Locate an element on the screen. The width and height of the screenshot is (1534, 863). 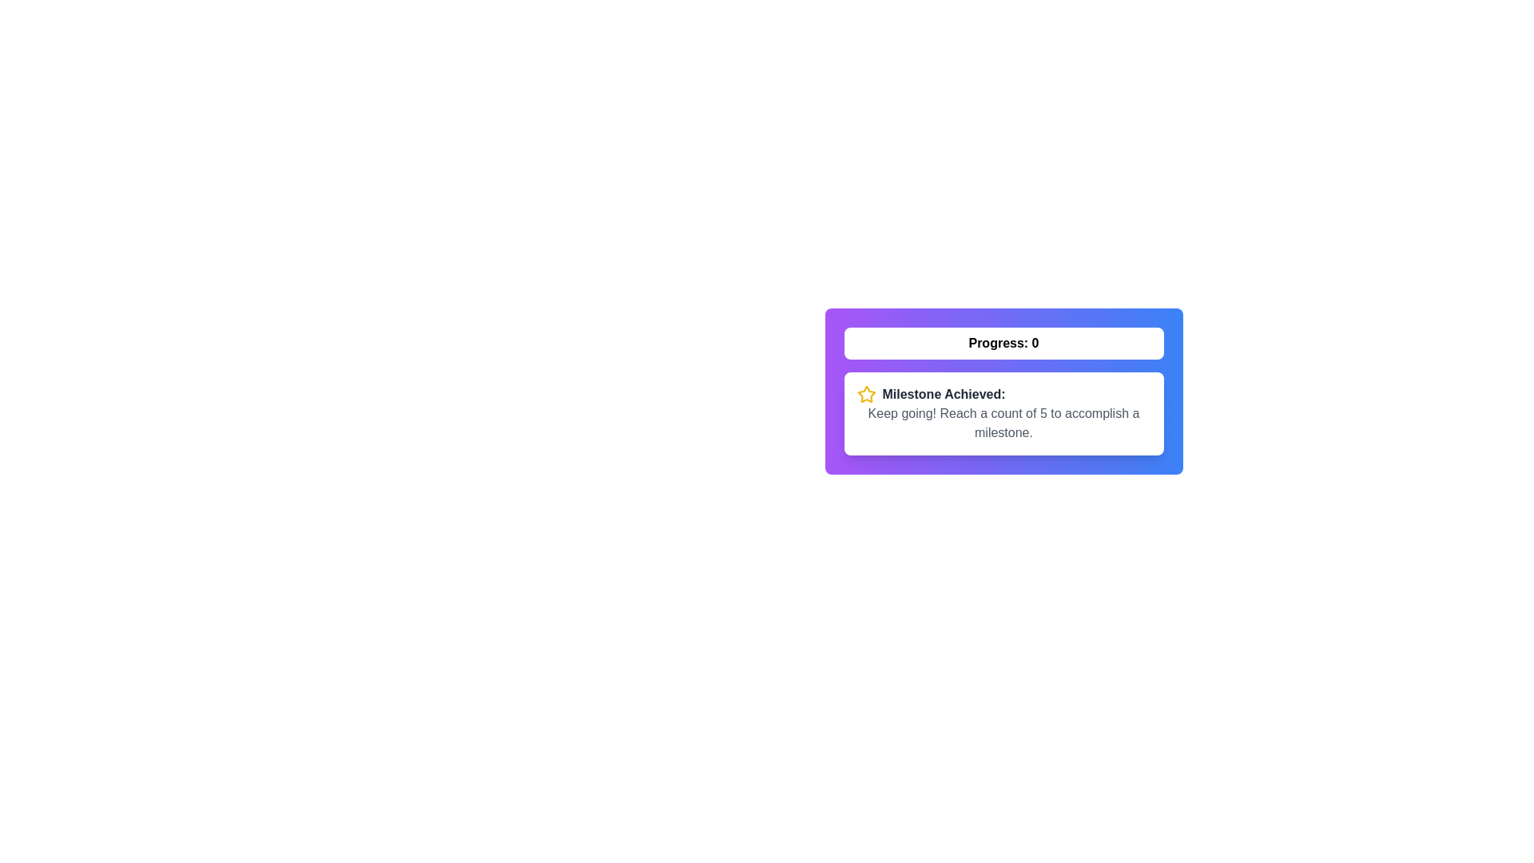
the button labeled 'Progress: 0', which is a rectangular button with a white background and bold black text, to trigger visual changes is located at coordinates (1003, 342).